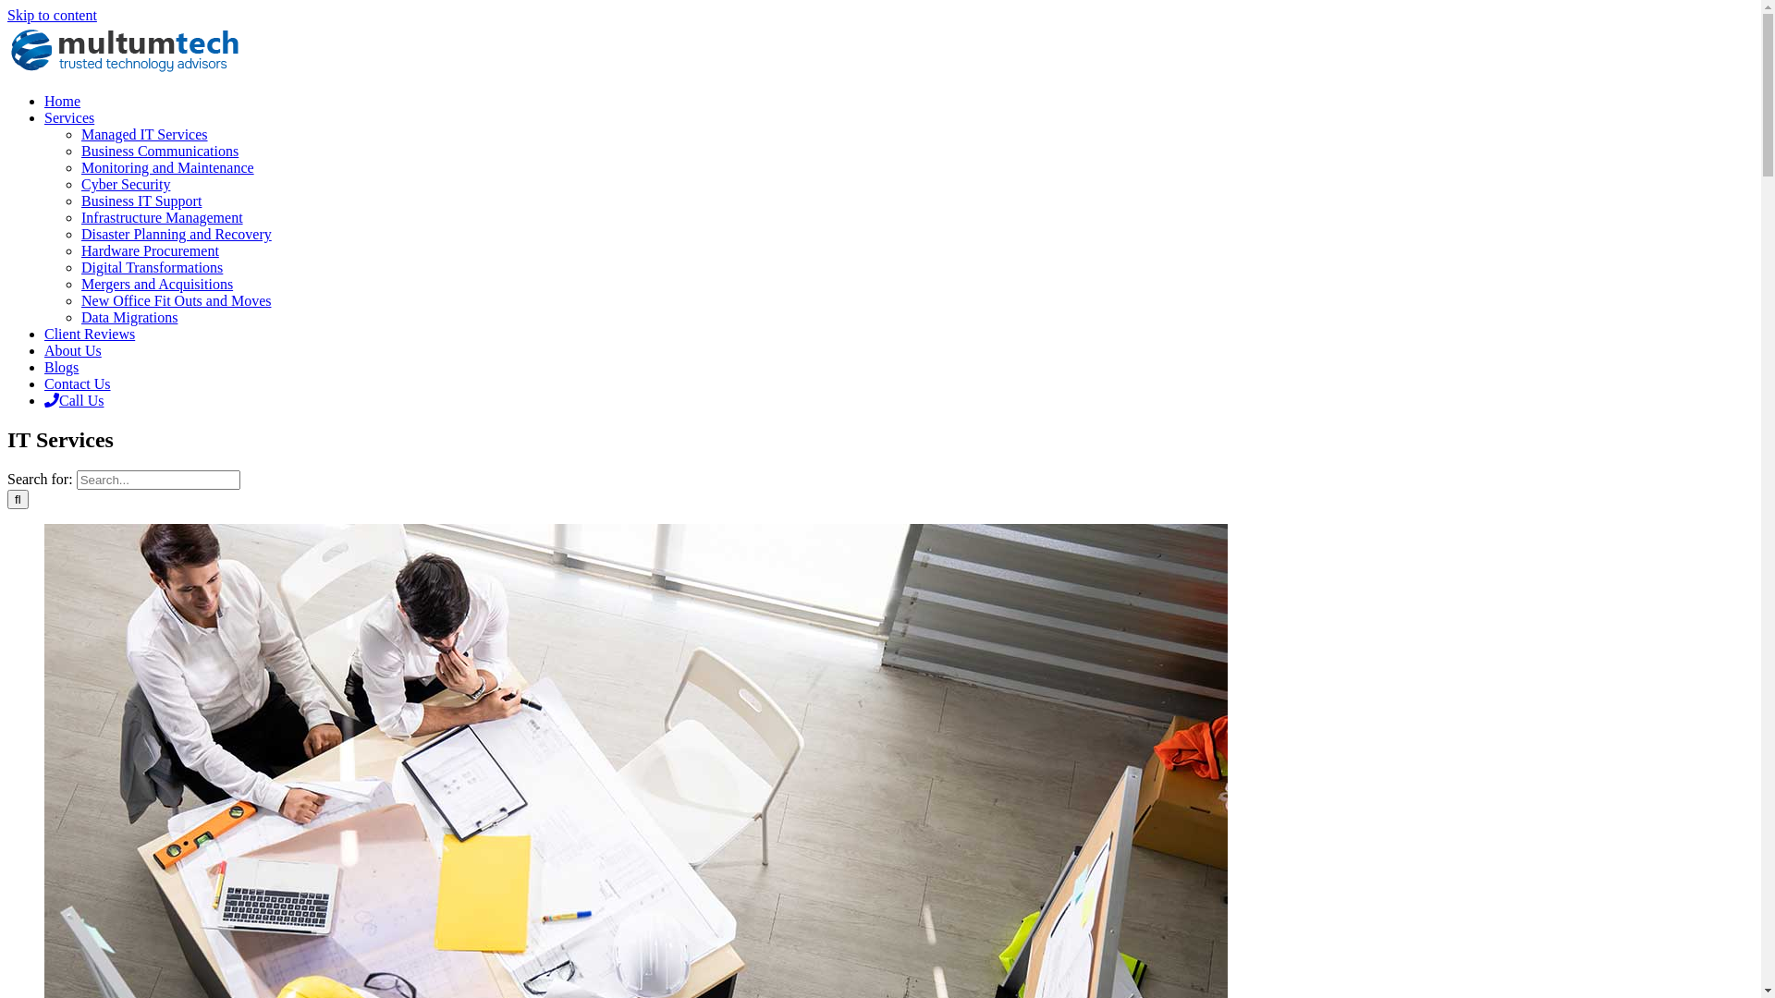  Describe the element at coordinates (44, 350) in the screenshot. I see `'About Us'` at that location.